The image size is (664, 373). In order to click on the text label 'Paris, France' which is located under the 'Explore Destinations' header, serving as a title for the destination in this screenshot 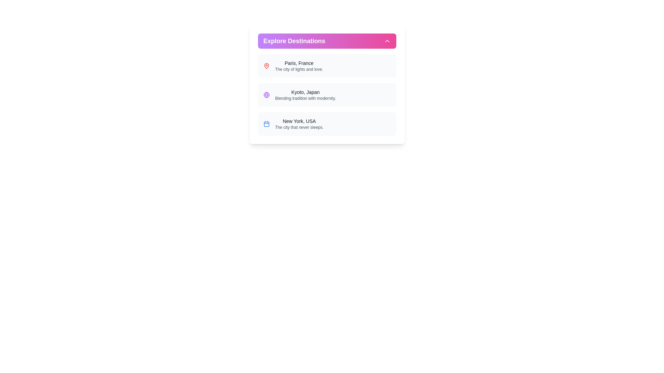, I will do `click(299, 63)`.